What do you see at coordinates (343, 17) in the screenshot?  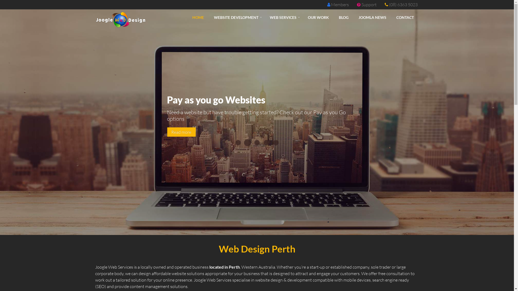 I see `'BLOG'` at bounding box center [343, 17].